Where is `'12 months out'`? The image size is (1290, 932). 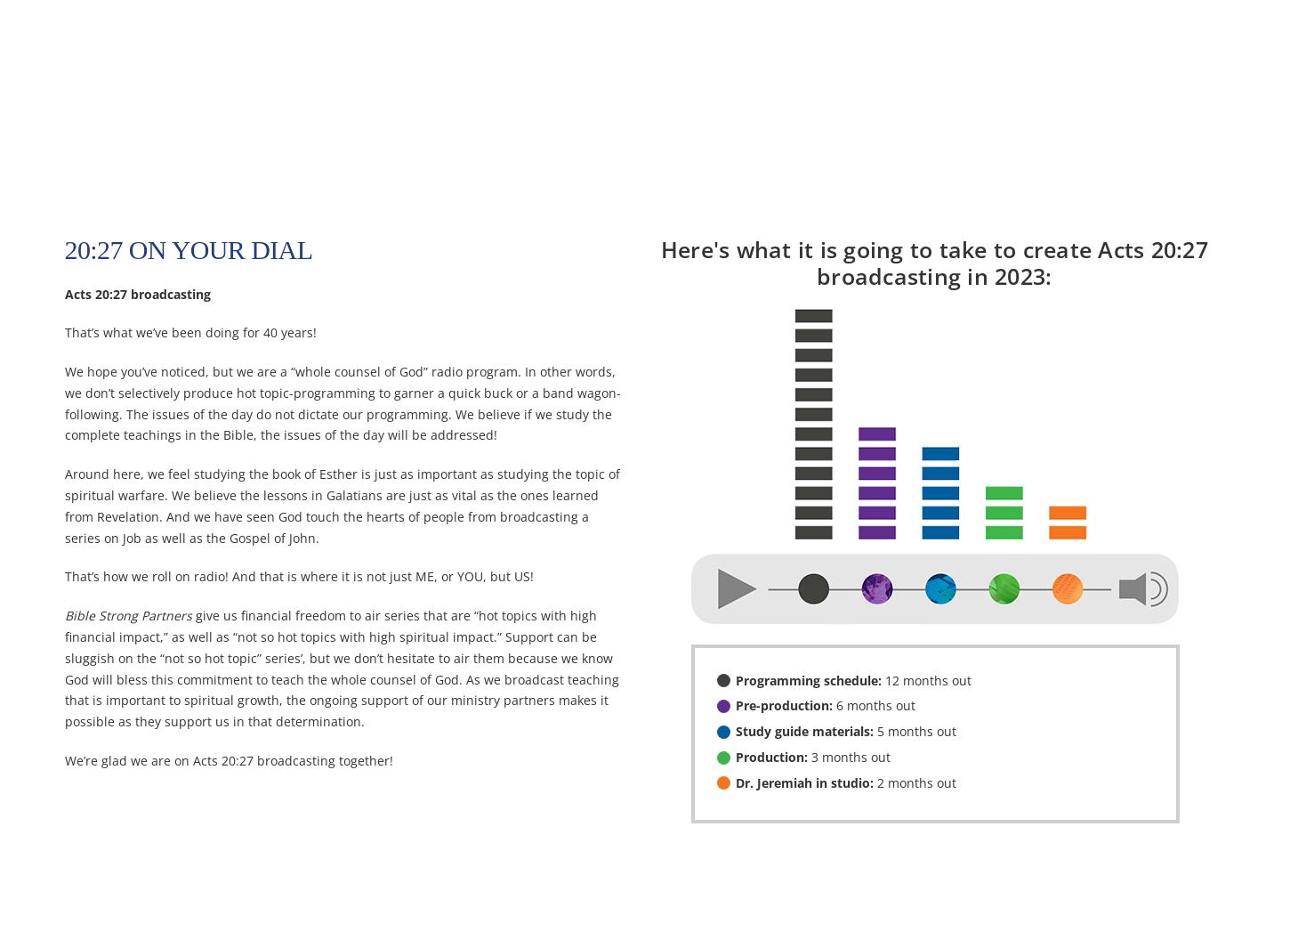
'12 months out' is located at coordinates (925, 678).